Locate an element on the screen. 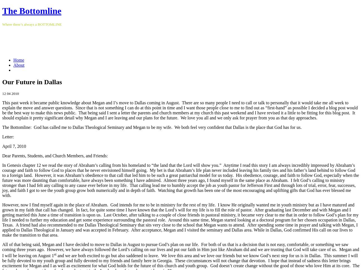  'However, now I find myself again in the place of Abraham.  God intends for me to be in ministry for the rest of my life.  I know He originally wanted me in youth ministry but as I have matured and grown in my faith that call has changed.  In fact, for quite some time I have known that the Lord’s will for my life is to fill the role of pastor.  After graduating last December and with Megan and I getting married this June a time of transition is upon us.  Last October, after talking to a couple of close friends in pastoral ministry, it became very clear to me that in order to follow God’s plan for my life I needed to further my education and get some experience surrounding the pastoral role.  Around this same time, Megan started looking at a doctoral program for her chosen occupation in Dallas, Texas.  A friend had also recommended to me Dallas Theological Seminary that sits very close to the school that Megan wants to attend.  After spending some time in prayer and talking with Megan, I applied to Dallas Theological in January and was accepted in February.  After acceptance, Megan and I visited the seminary and Dallas area. While in Dallas, God confirmed His call on our lives to make the transition to that area.' is located at coordinates (2, 219).